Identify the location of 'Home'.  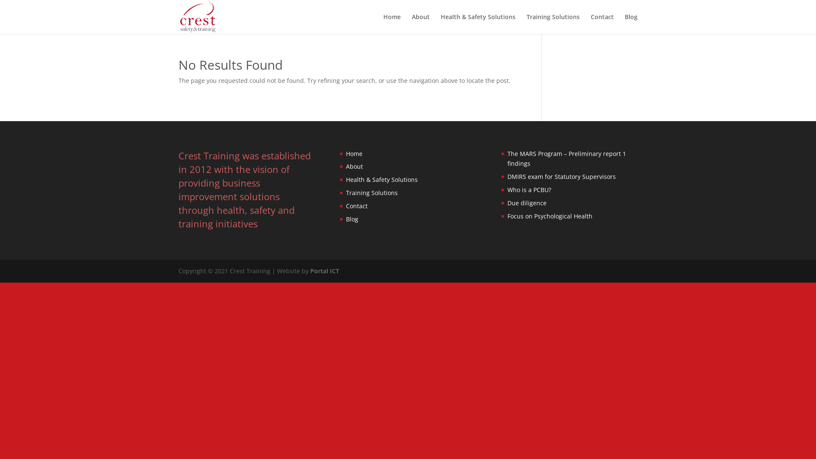
(354, 153).